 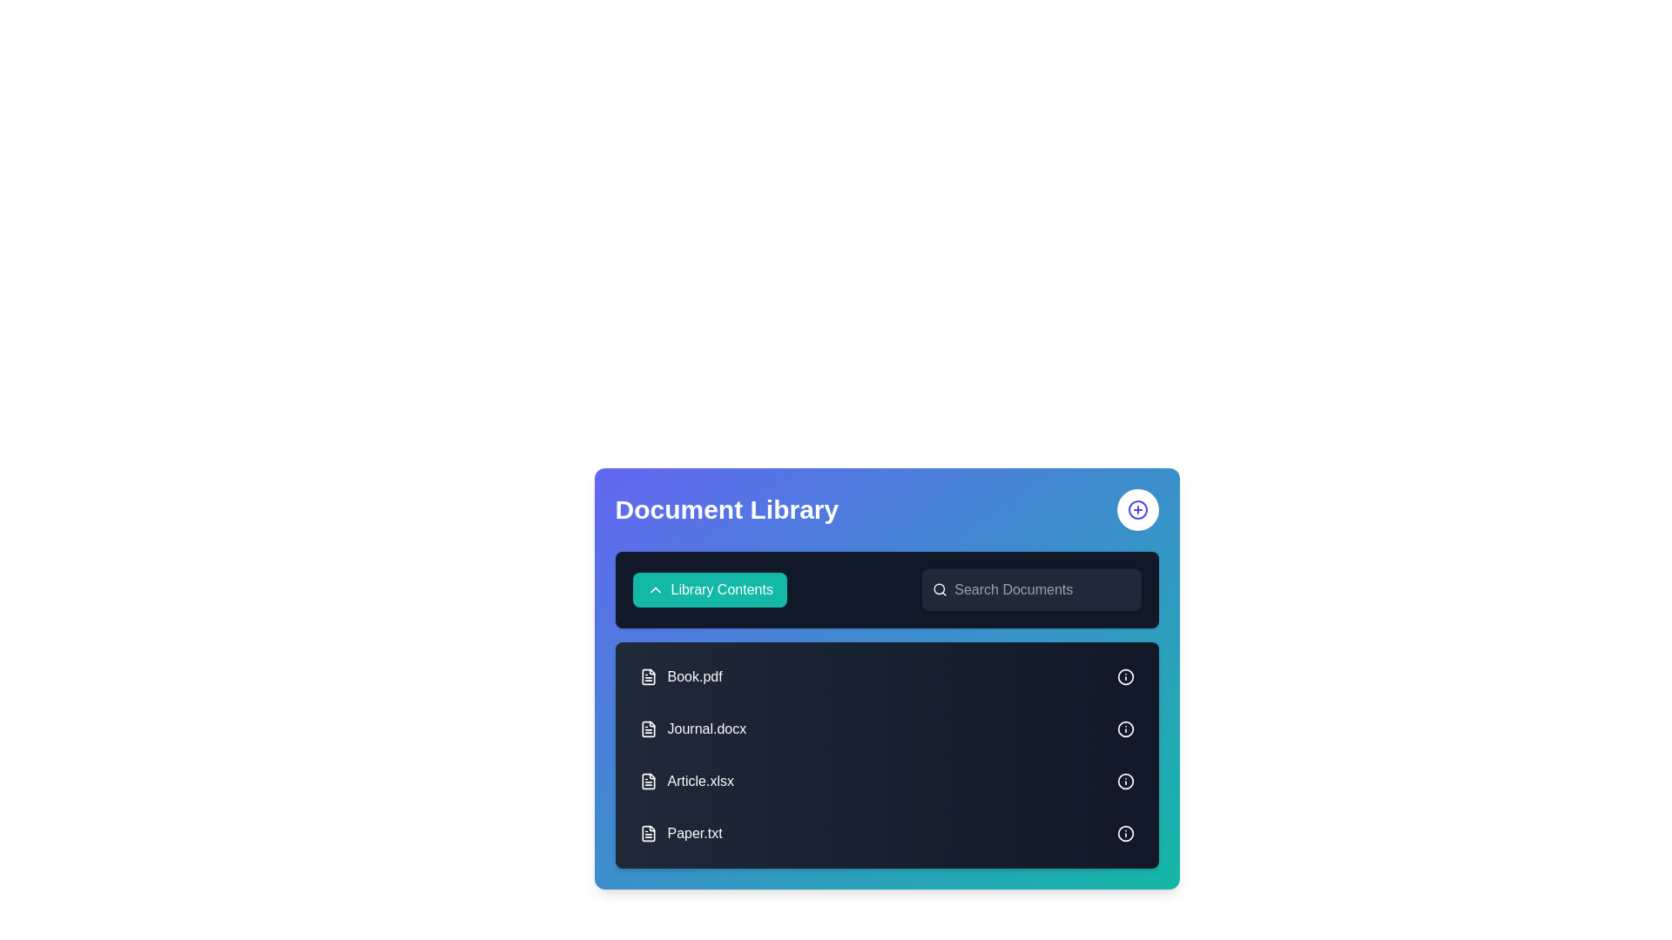 What do you see at coordinates (1042, 589) in the screenshot?
I see `the search bar input field with the placeholder text 'Search Documents' to indicate interactivity` at bounding box center [1042, 589].